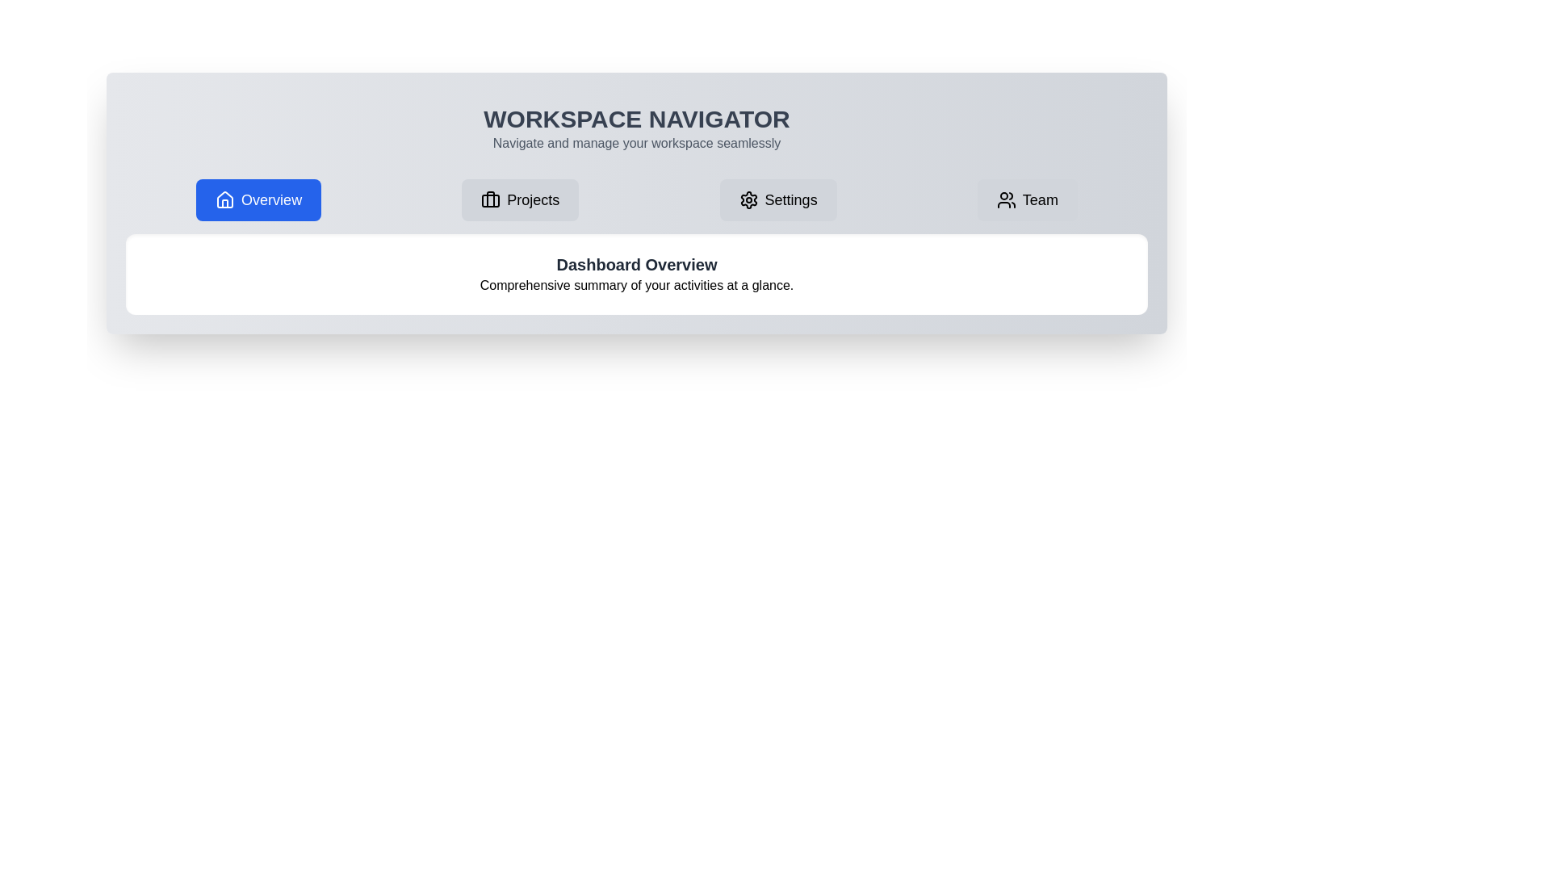 The height and width of the screenshot is (872, 1550). Describe the element at coordinates (748, 199) in the screenshot. I see `the settings icon located in the navigation bar at the top of the interface` at that location.